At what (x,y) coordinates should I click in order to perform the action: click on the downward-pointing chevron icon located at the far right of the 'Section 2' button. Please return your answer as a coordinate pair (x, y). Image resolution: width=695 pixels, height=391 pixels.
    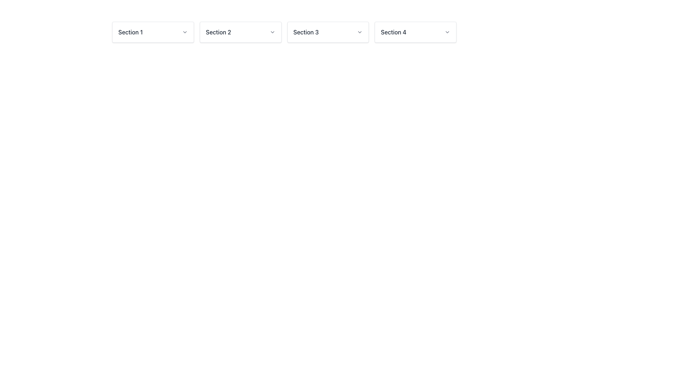
    Looking at the image, I should click on (272, 31).